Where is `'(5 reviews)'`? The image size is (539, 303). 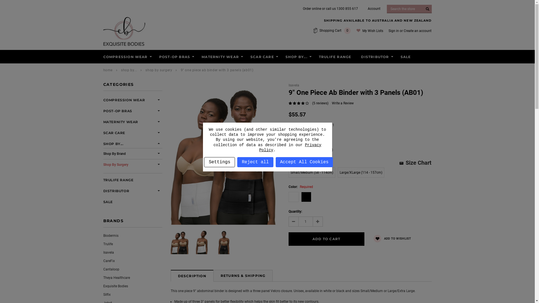
'(5 reviews)' is located at coordinates (320, 103).